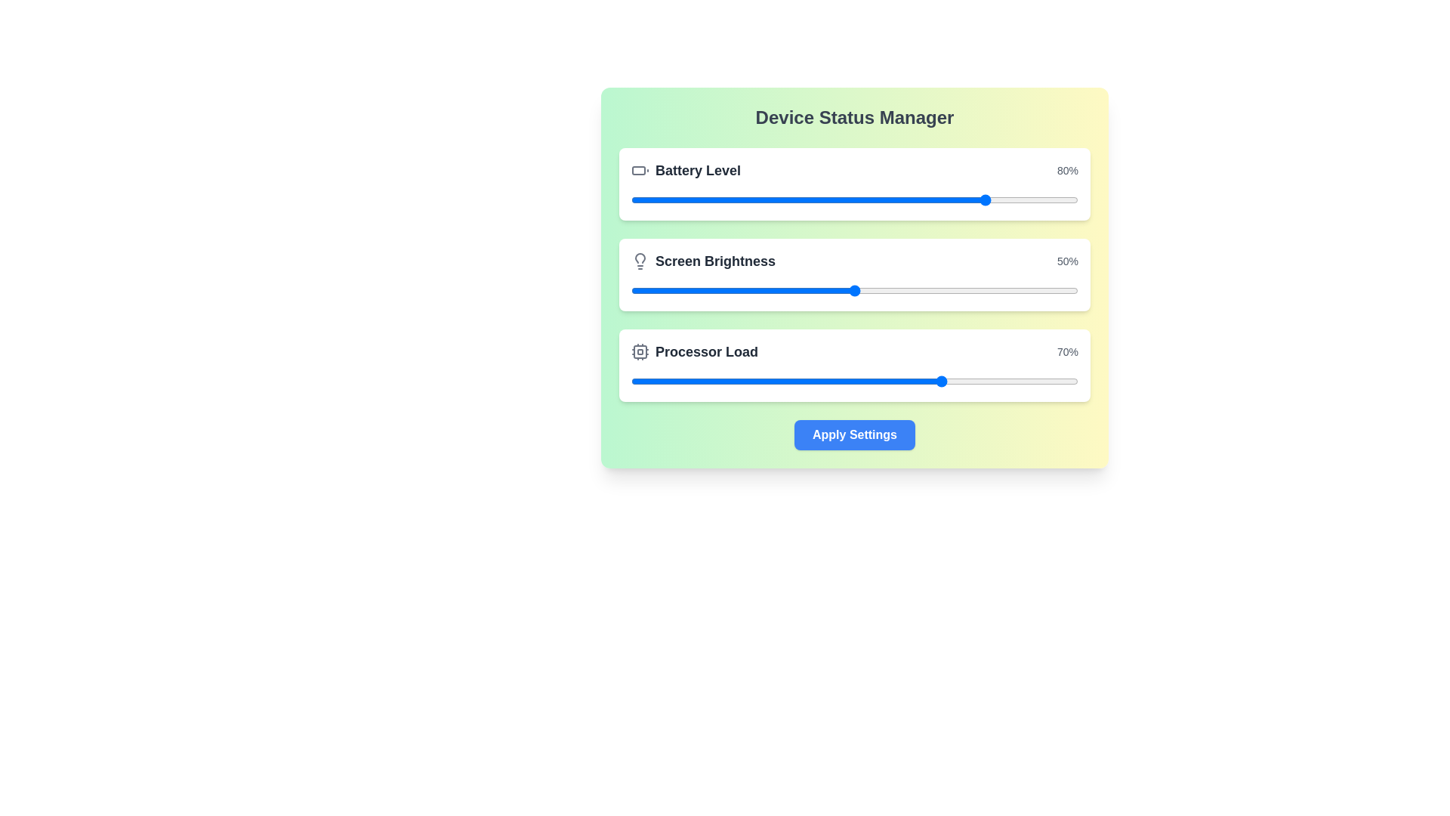  What do you see at coordinates (809, 199) in the screenshot?
I see `the battery level slider` at bounding box center [809, 199].